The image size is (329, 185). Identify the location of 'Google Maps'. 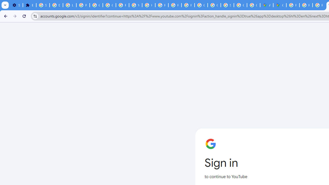
(279, 5).